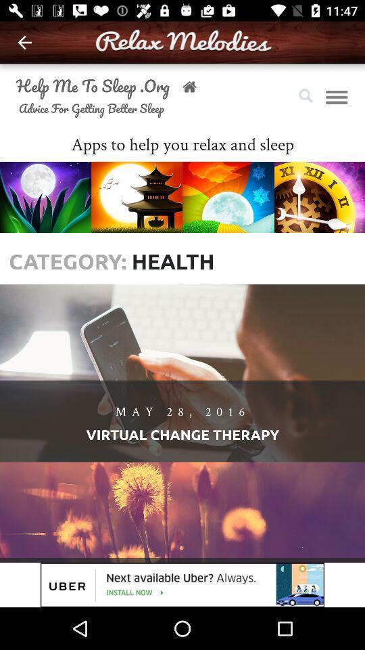 The width and height of the screenshot is (365, 650). I want to click on open advertisement, so click(182, 584).